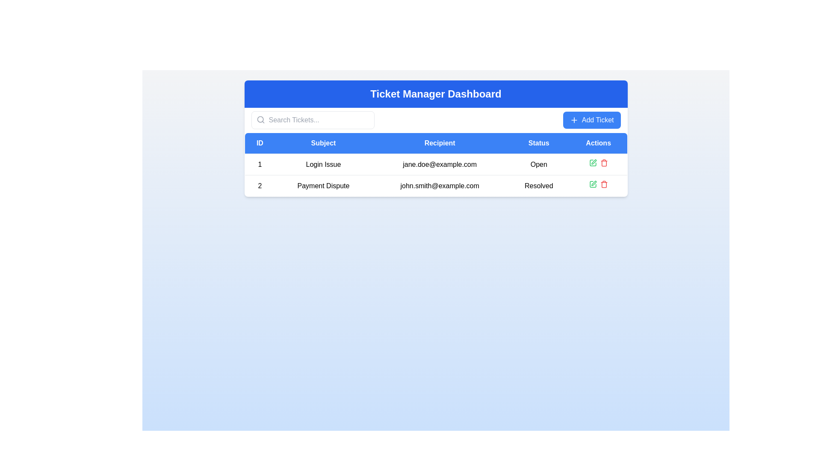  Describe the element at coordinates (598, 164) in the screenshot. I see `the red 'delete' icon in the Actions cell of the 'Login Issue' ticket row` at that location.